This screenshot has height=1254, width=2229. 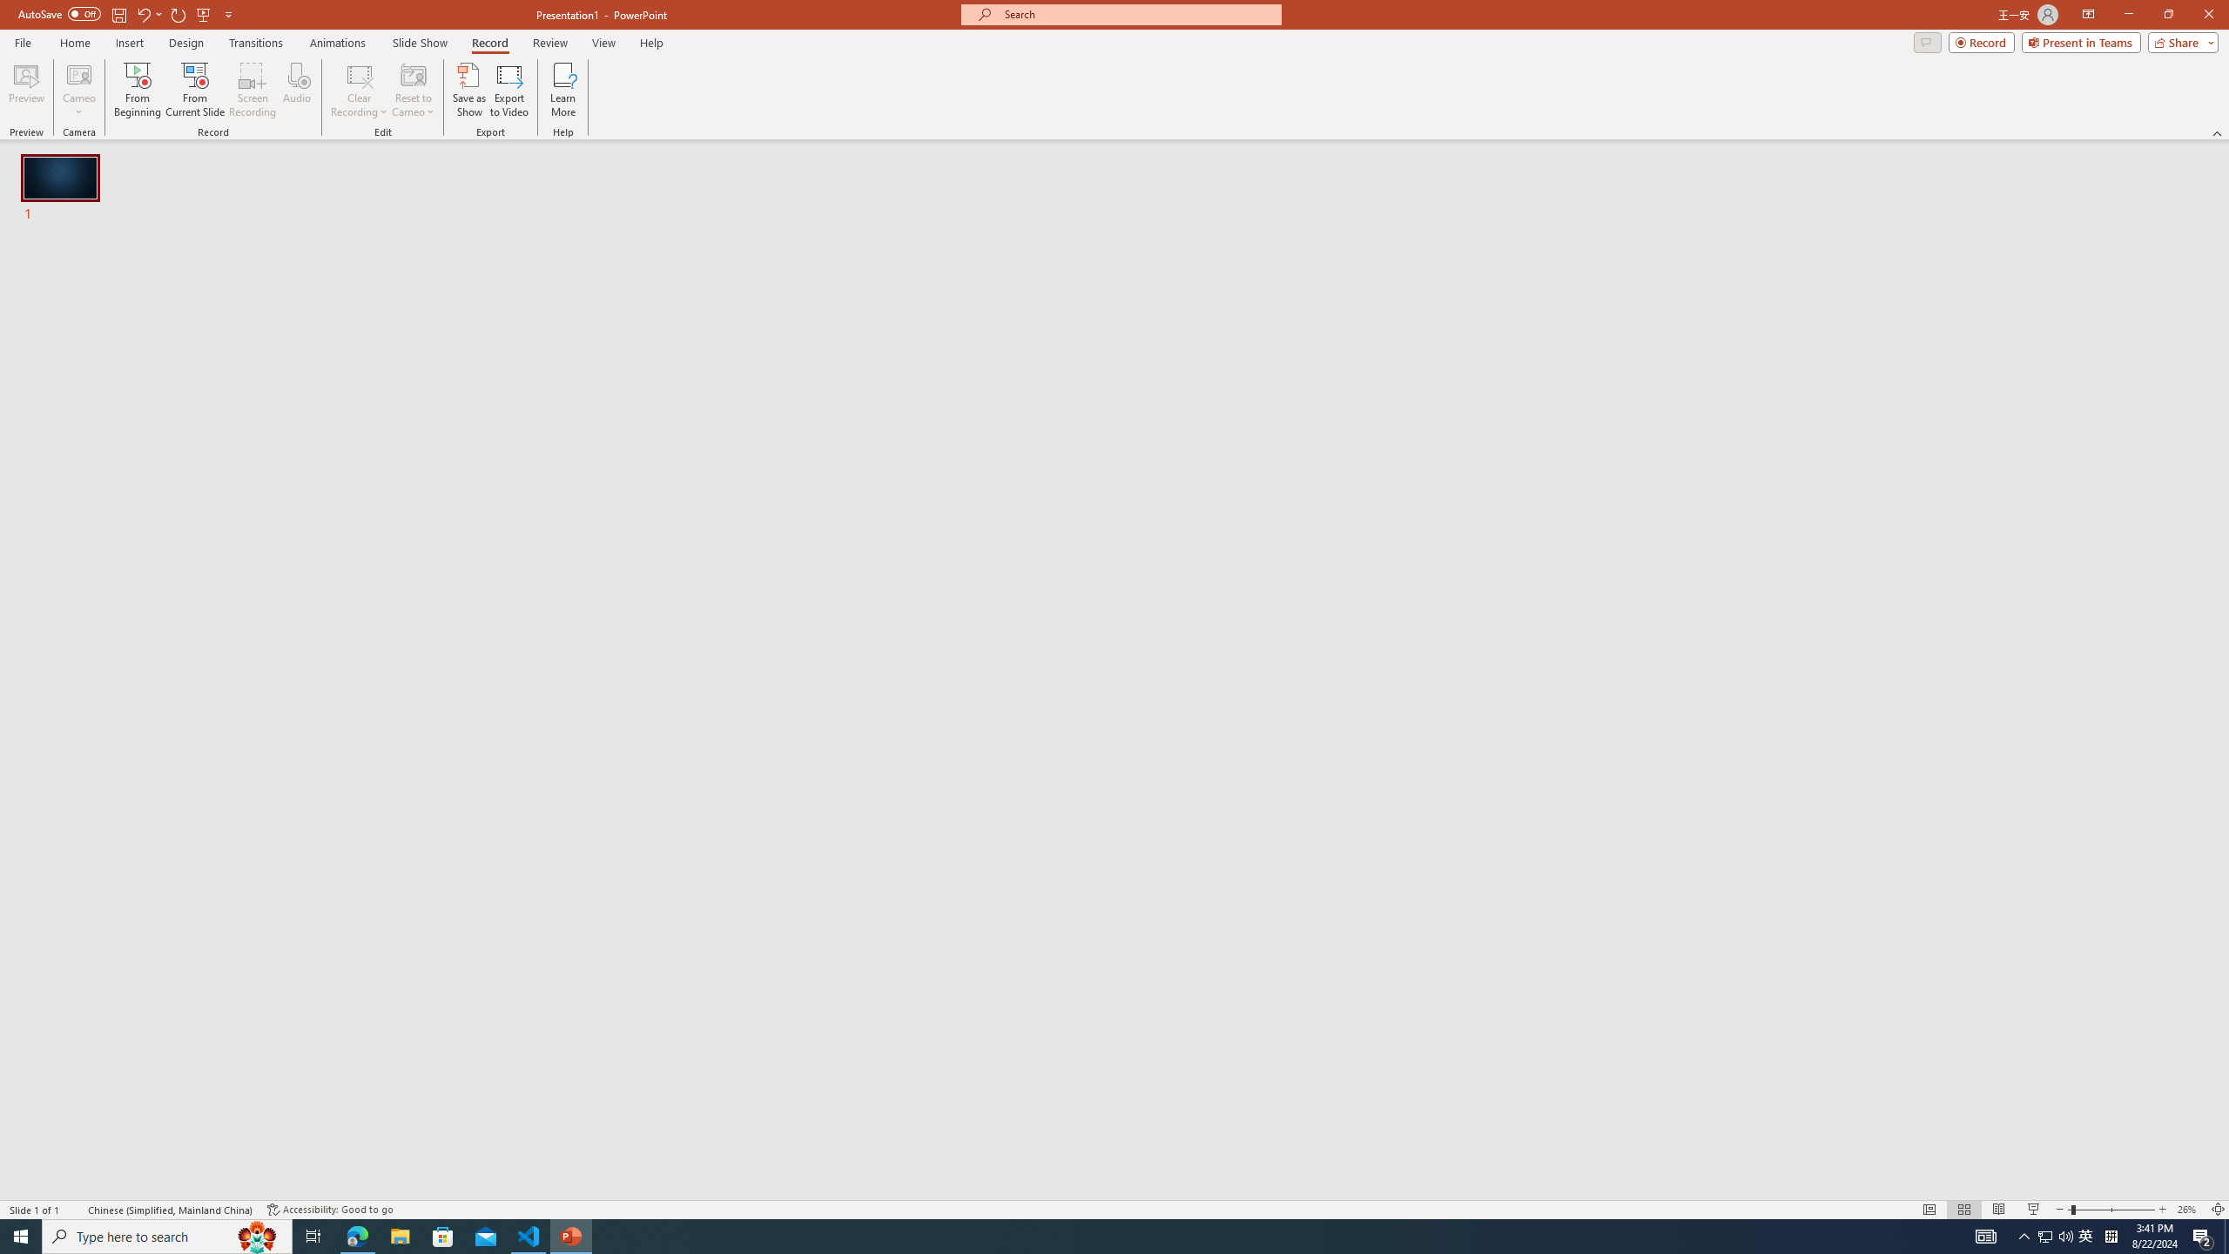 What do you see at coordinates (187, 43) in the screenshot?
I see `'Design'` at bounding box center [187, 43].